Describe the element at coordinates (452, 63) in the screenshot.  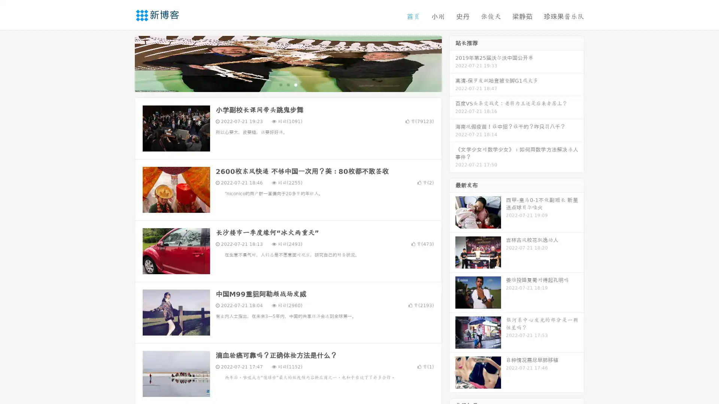
I see `Next slide` at that location.